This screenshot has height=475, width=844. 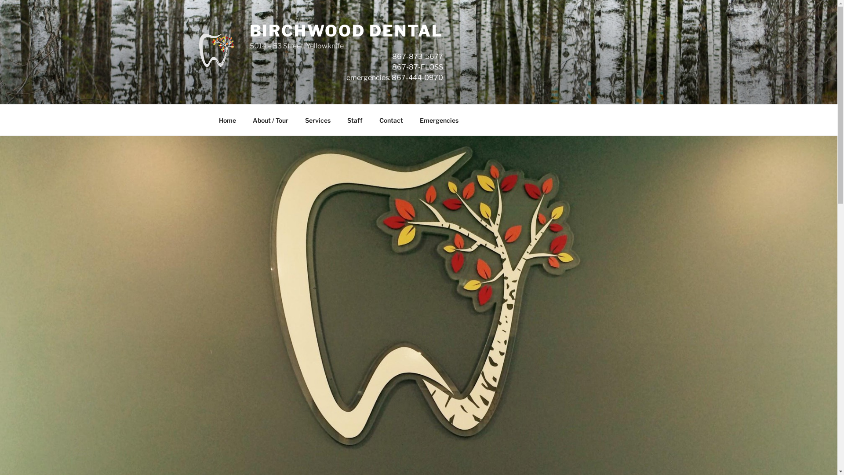 I want to click on '867-444-0970', so click(x=417, y=77).